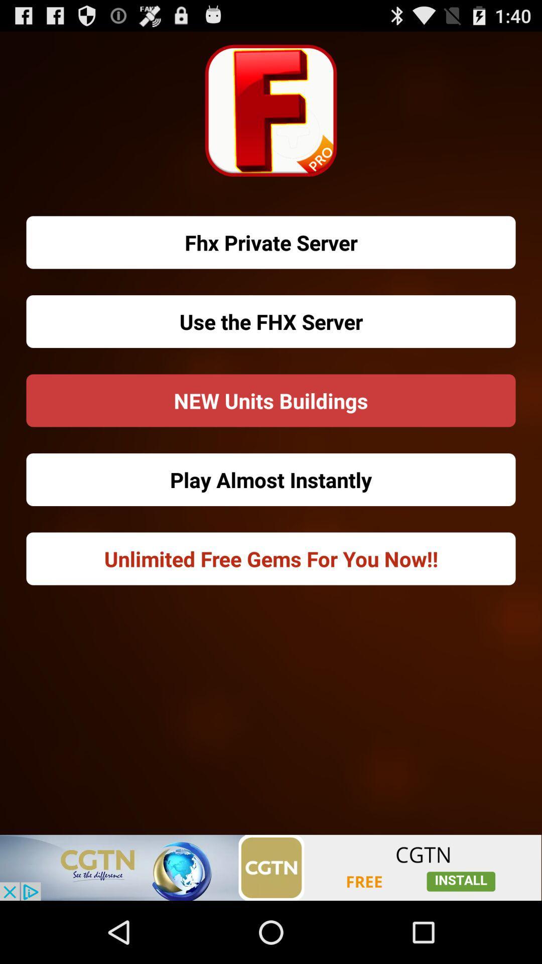 The width and height of the screenshot is (542, 964). Describe the element at coordinates (271, 867) in the screenshot. I see `visit cgtn website` at that location.